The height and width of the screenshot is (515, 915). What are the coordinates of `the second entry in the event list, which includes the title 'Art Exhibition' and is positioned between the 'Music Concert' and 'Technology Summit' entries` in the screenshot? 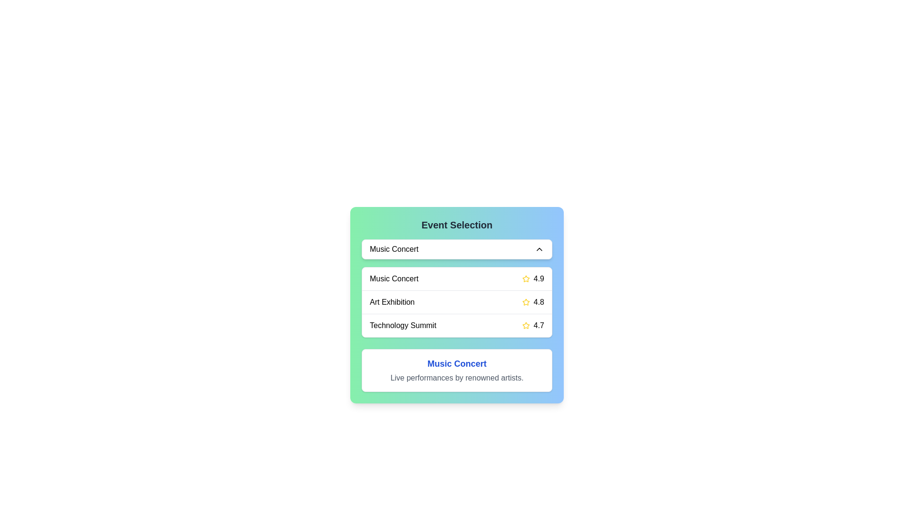 It's located at (457, 302).